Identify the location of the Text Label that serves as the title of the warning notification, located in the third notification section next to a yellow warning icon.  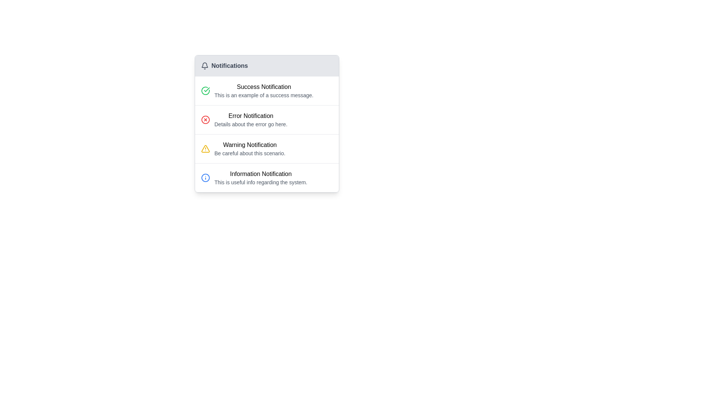
(250, 145).